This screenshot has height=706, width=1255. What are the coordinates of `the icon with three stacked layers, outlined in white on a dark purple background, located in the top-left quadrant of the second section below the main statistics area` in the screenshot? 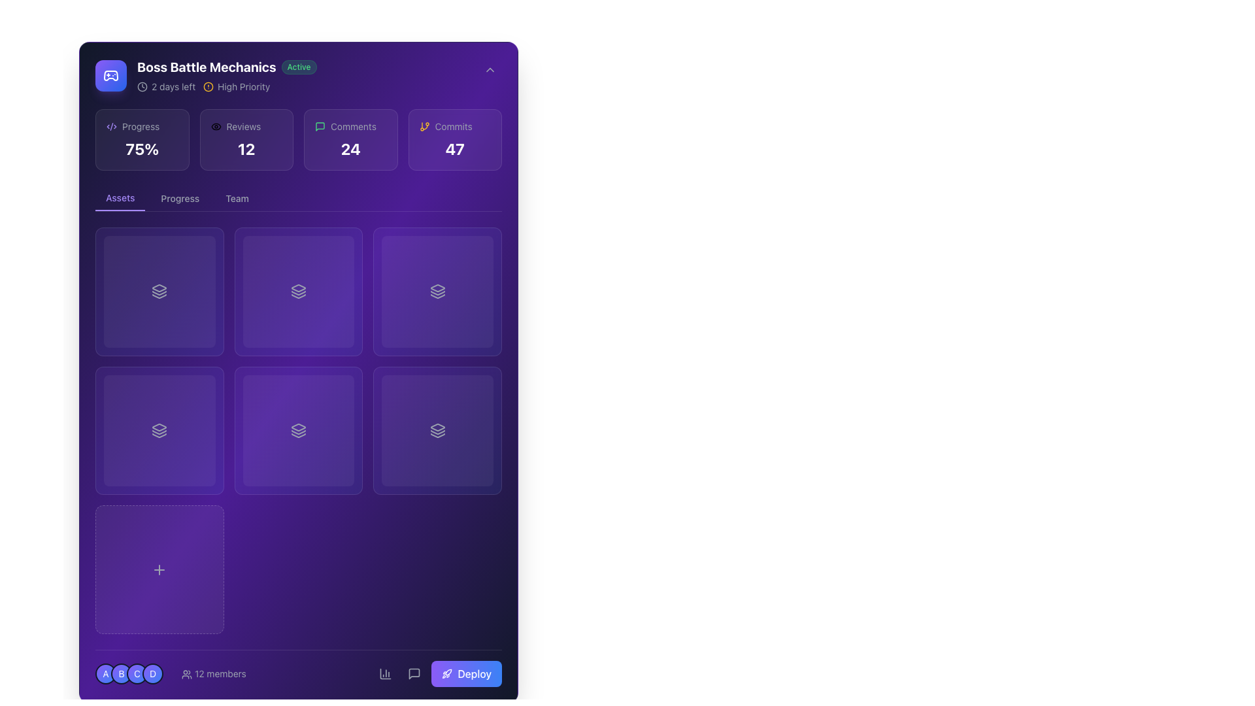 It's located at (159, 291).